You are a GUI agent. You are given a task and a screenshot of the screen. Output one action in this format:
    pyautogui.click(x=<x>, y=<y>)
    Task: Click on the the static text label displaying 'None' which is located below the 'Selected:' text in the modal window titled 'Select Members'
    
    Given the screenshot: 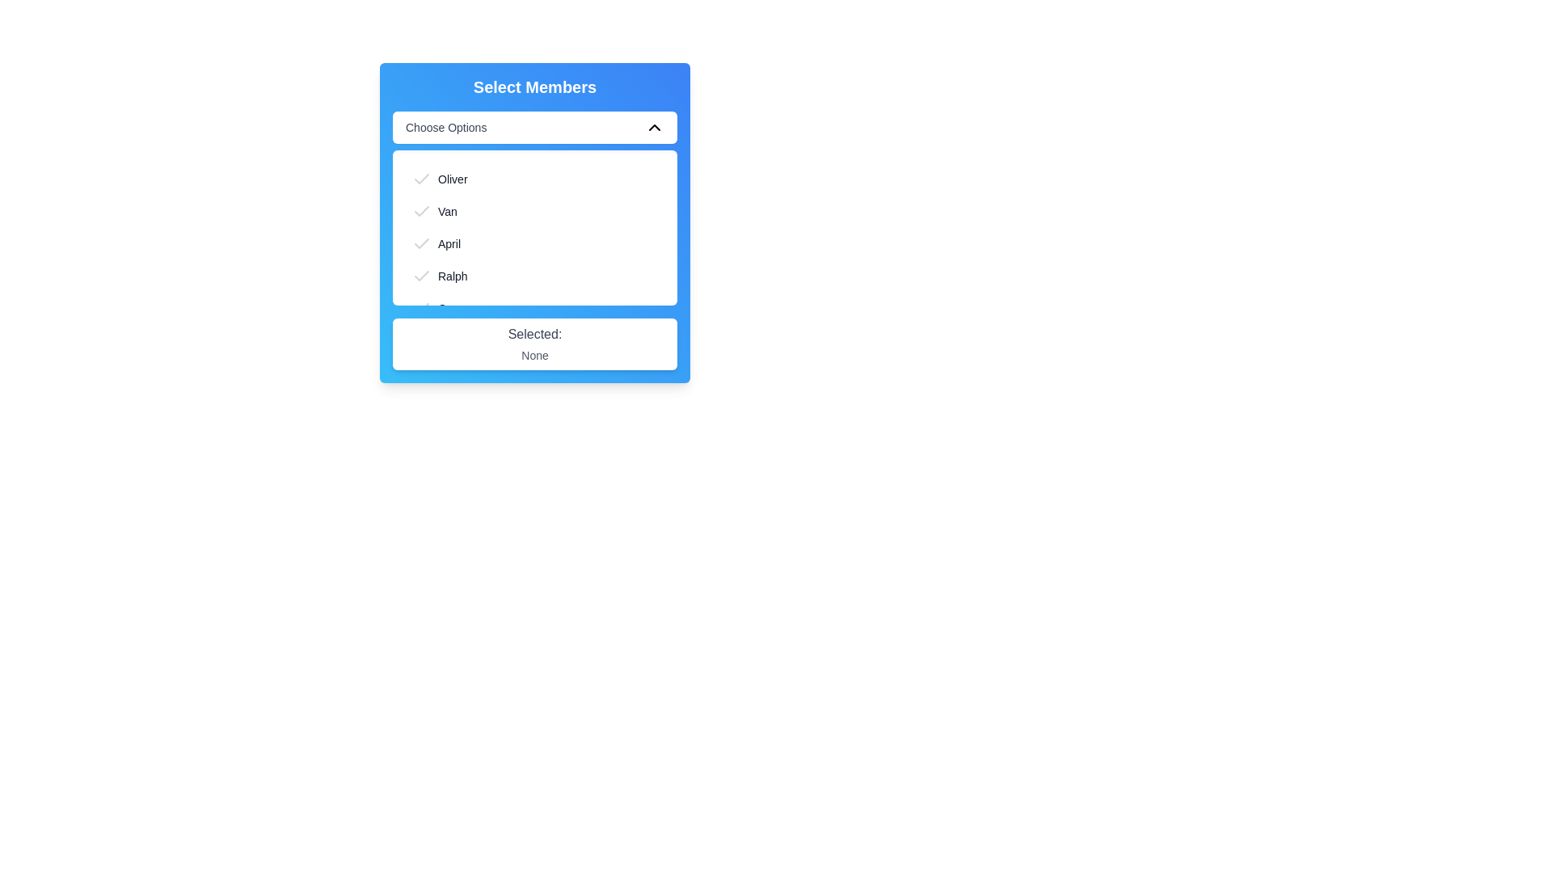 What is the action you would take?
    pyautogui.click(x=535, y=354)
    